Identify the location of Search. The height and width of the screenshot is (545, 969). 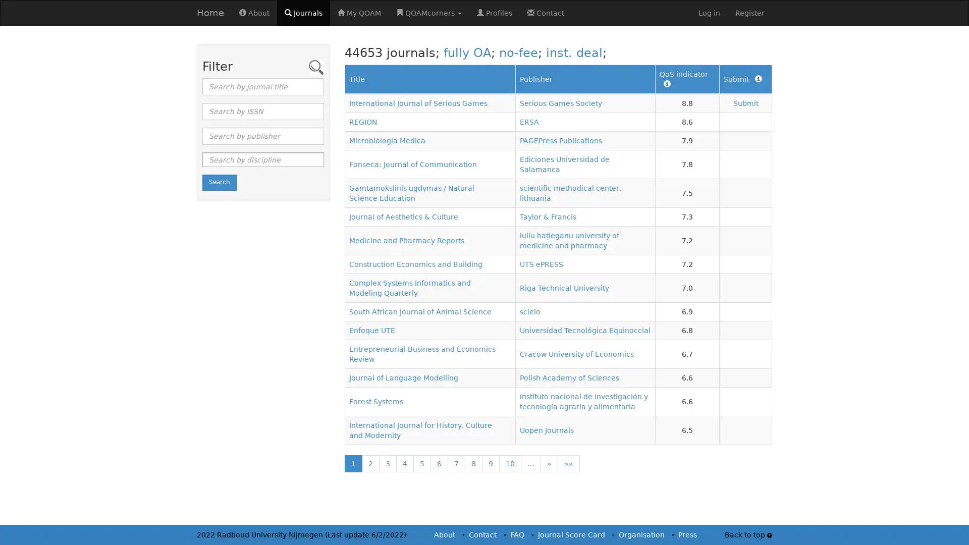
(219, 182).